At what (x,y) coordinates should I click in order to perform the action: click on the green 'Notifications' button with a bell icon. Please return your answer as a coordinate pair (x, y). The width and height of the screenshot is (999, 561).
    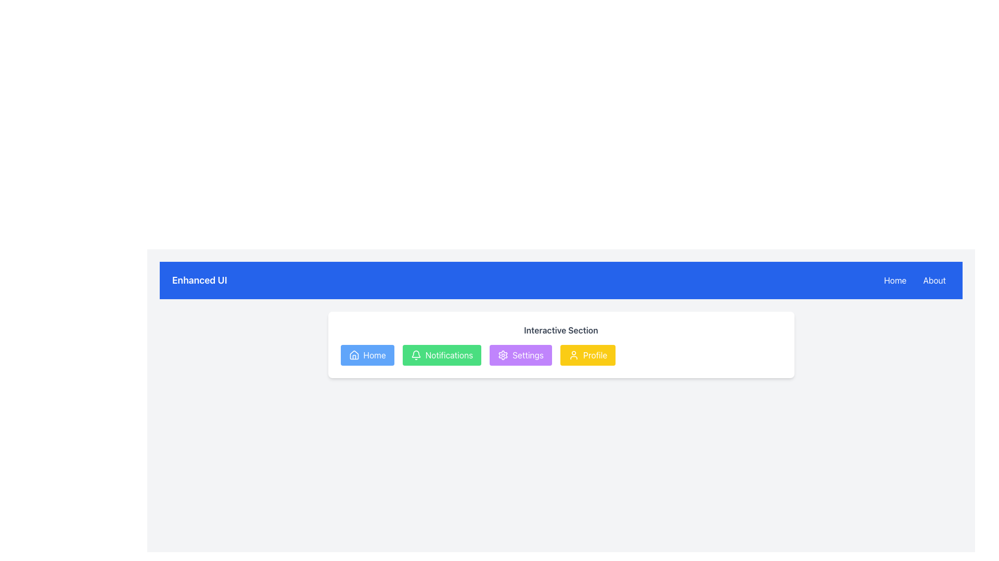
    Looking at the image, I should click on (442, 354).